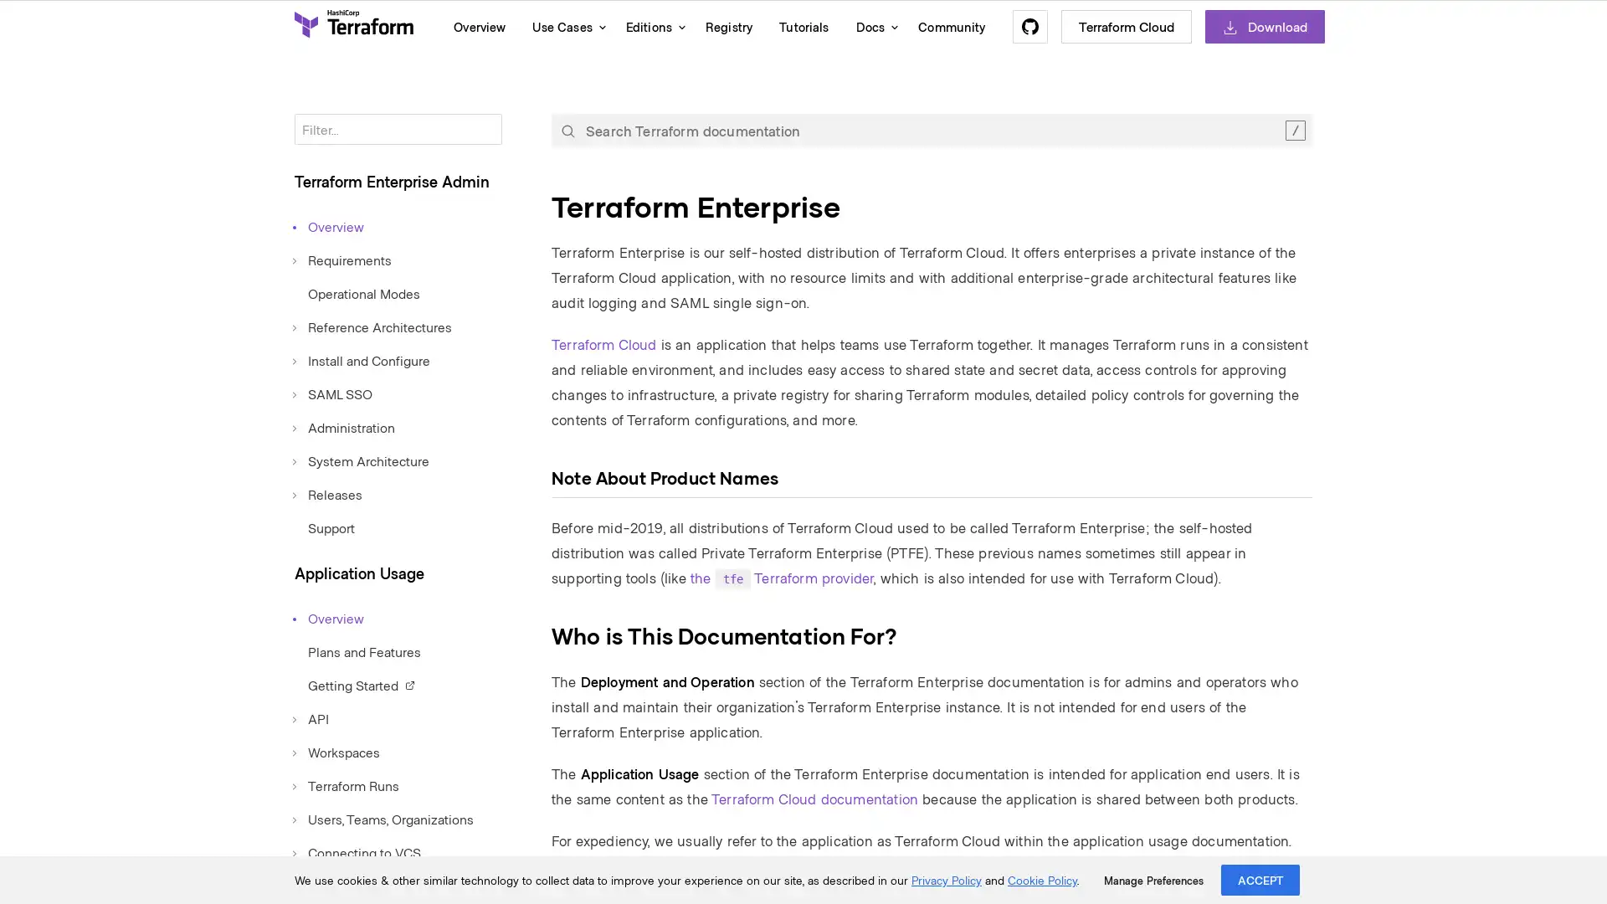 The image size is (1607, 904). Describe the element at coordinates (346, 784) in the screenshot. I see `Terraform Runs` at that location.